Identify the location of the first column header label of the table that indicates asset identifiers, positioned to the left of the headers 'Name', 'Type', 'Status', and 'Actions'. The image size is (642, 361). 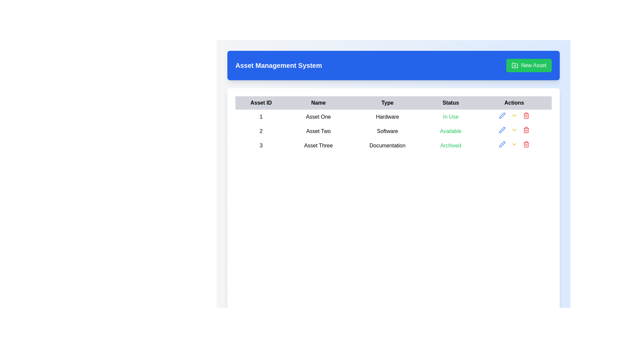
(260, 103).